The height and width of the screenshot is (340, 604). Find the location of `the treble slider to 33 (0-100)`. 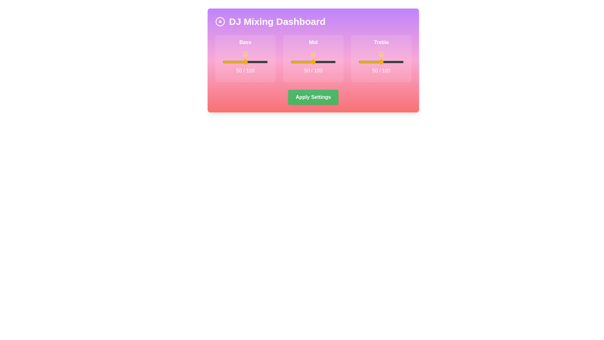

the treble slider to 33 (0-100) is located at coordinates (373, 62).